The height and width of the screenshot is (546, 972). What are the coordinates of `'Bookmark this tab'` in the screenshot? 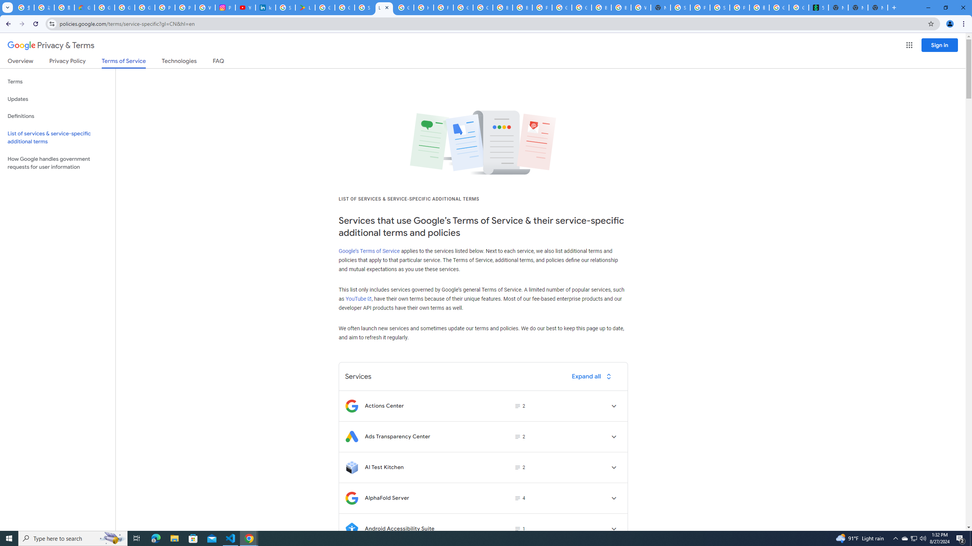 It's located at (930, 23).